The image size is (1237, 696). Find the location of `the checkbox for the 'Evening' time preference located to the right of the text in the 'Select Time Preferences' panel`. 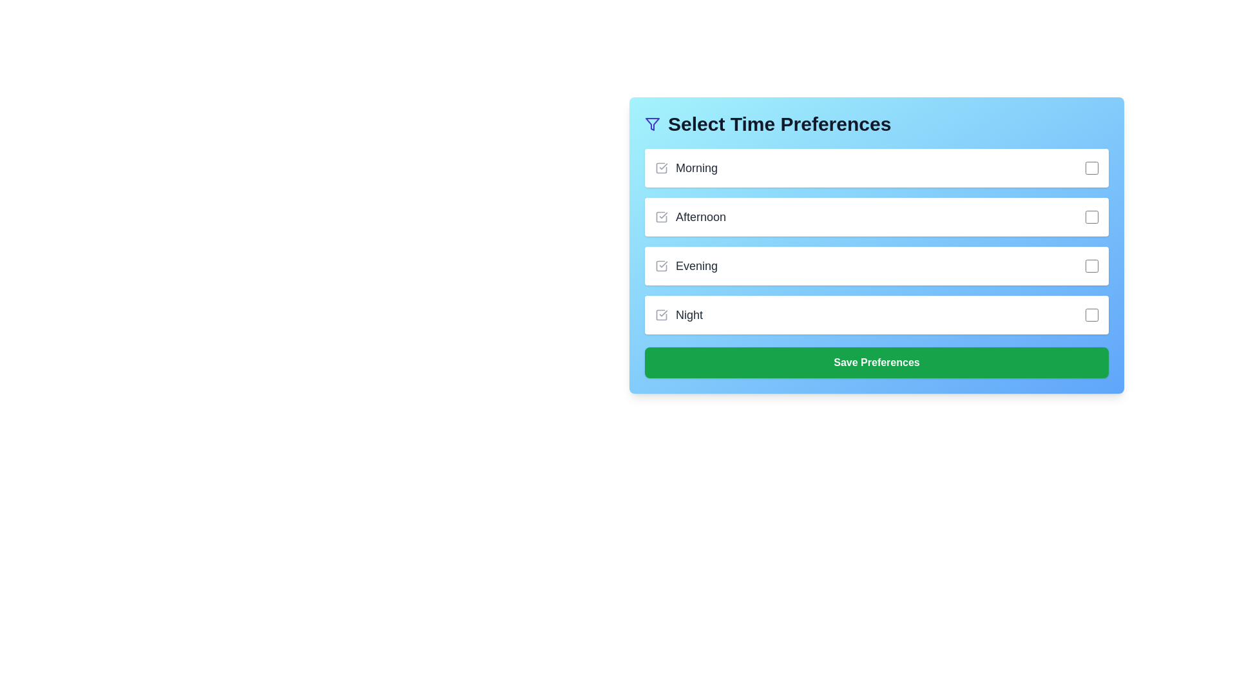

the checkbox for the 'Evening' time preference located to the right of the text in the 'Select Time Preferences' panel is located at coordinates (1091, 265).